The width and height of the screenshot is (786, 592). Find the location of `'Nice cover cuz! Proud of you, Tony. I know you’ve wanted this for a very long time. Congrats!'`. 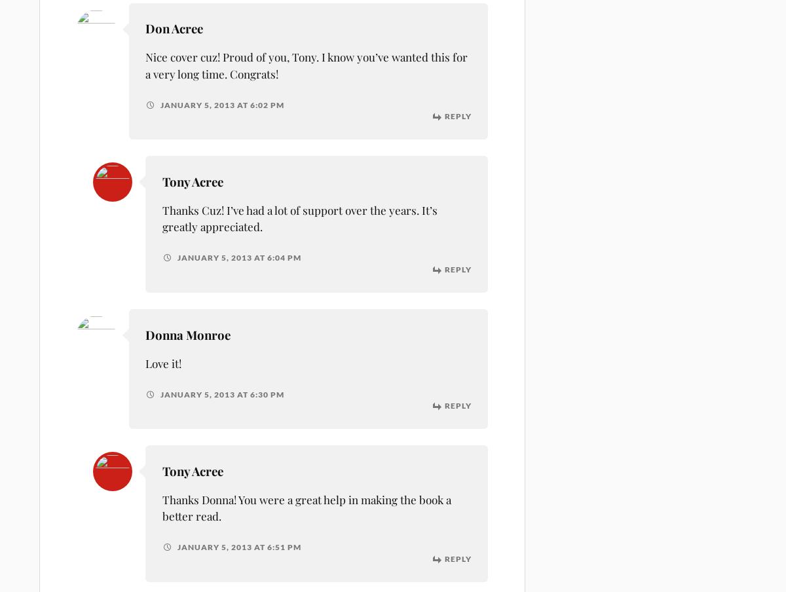

'Nice cover cuz! Proud of you, Tony. I know you’ve wanted this for a very long time. Congrats!' is located at coordinates (145, 65).